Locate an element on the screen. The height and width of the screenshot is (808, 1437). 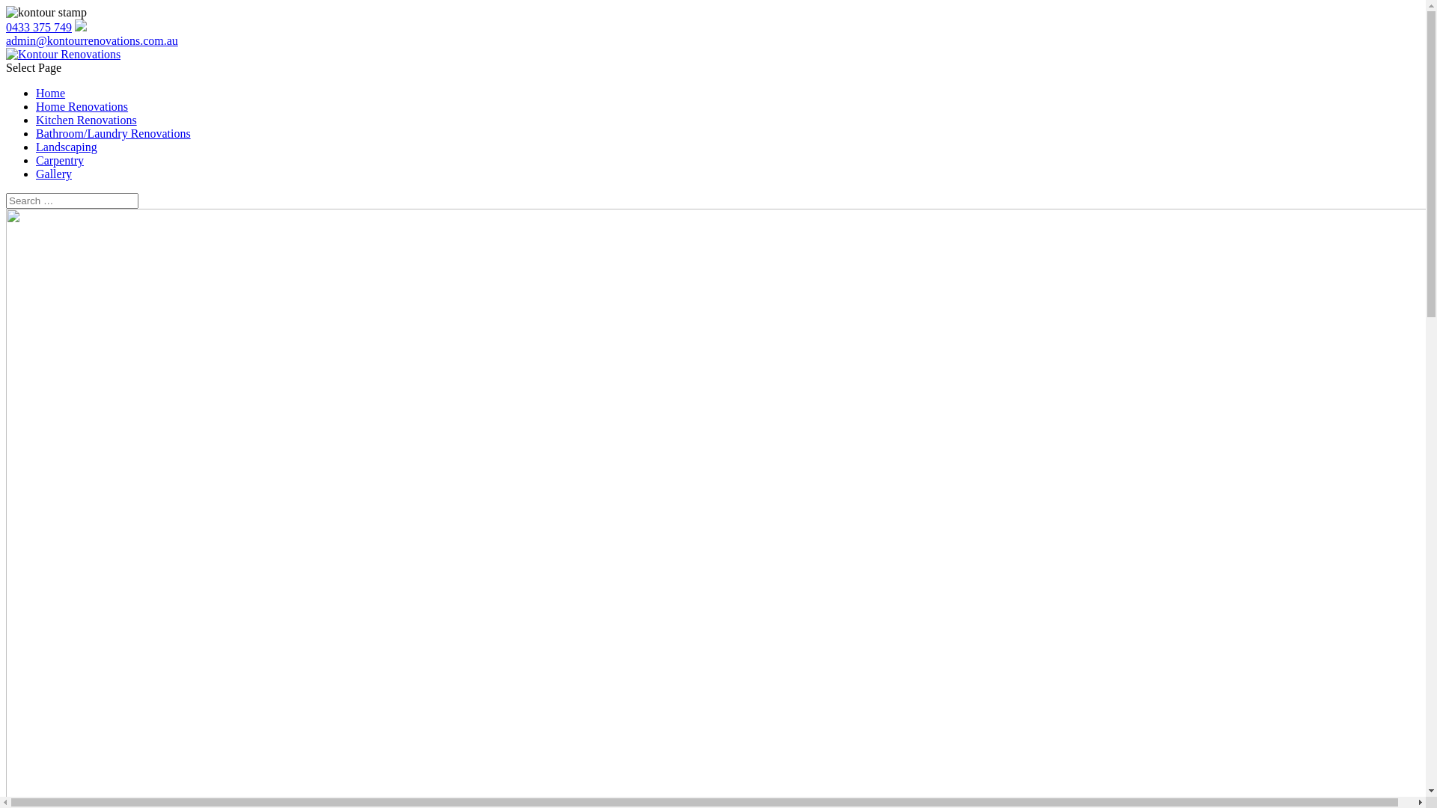
'Carpentry' is located at coordinates (60, 160).